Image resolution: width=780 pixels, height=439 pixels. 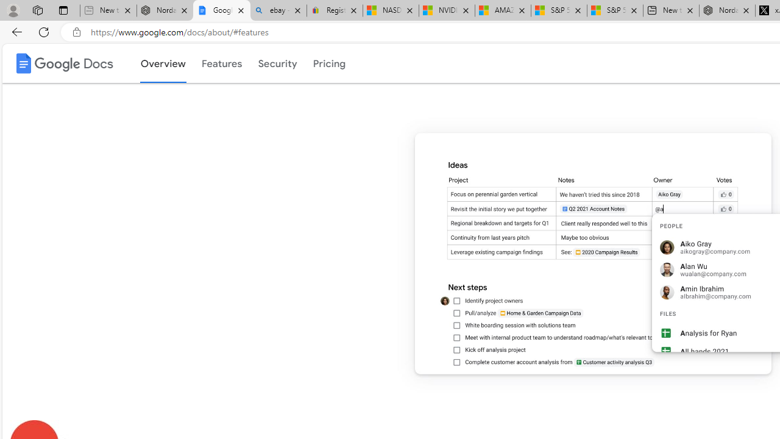 What do you see at coordinates (335, 10) in the screenshot?
I see `'Register: Create a personal eBay account'` at bounding box center [335, 10].